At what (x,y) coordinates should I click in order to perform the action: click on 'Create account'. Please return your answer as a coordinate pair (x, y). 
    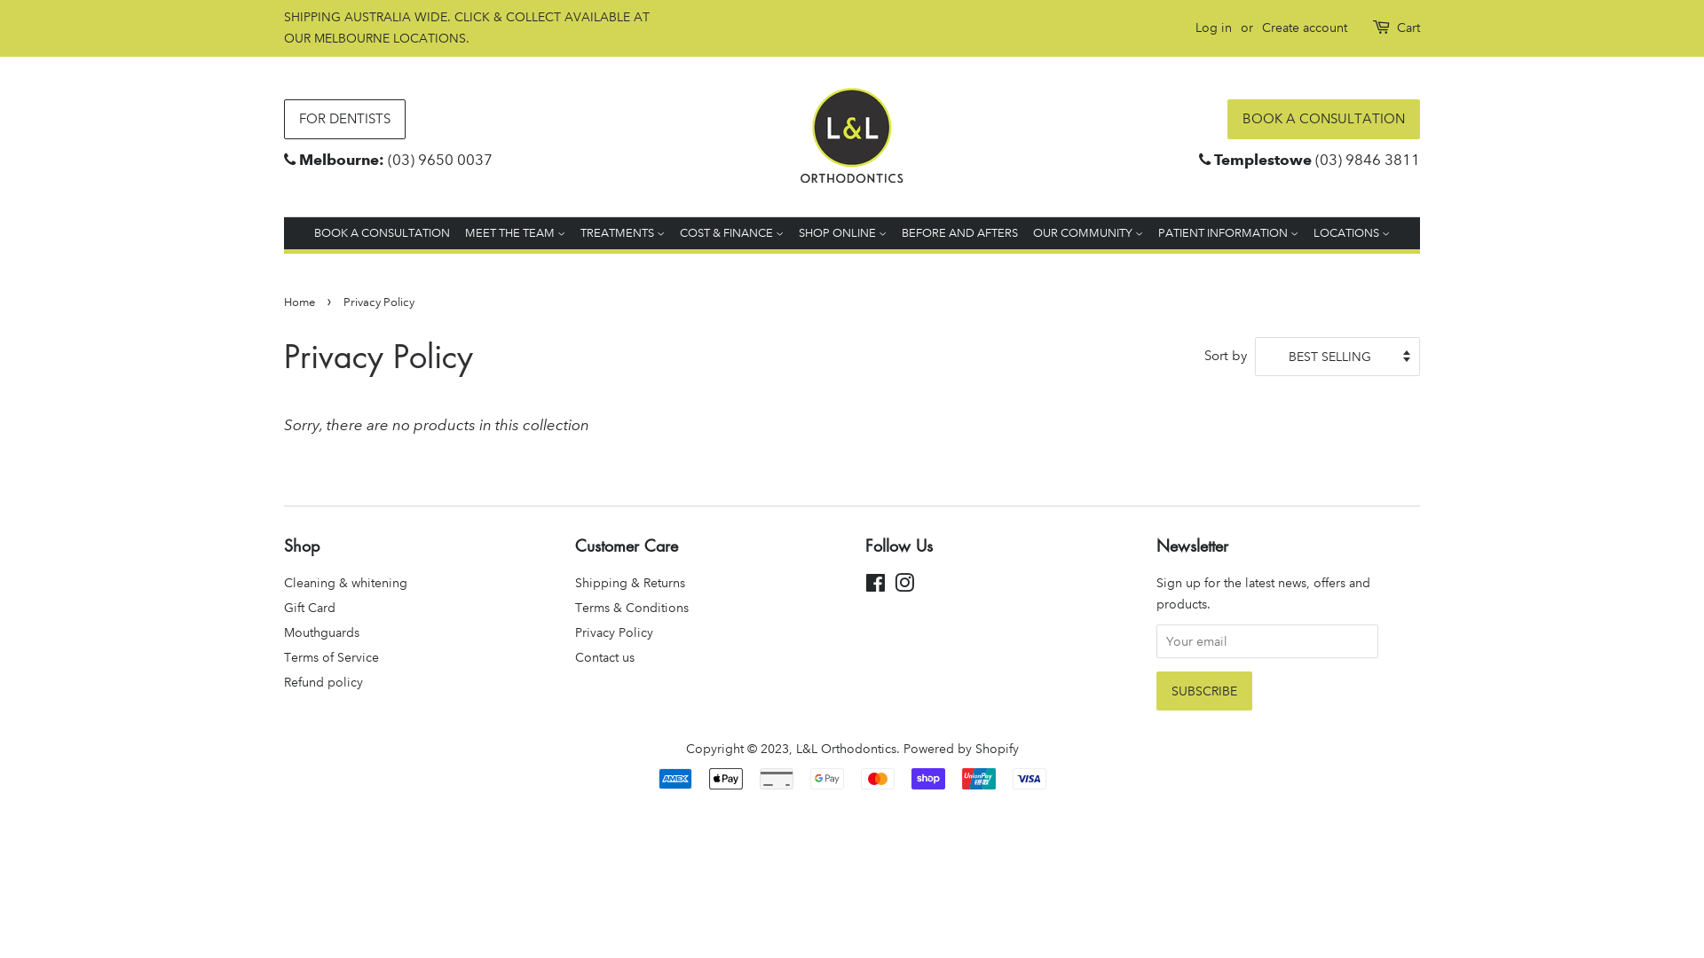
    Looking at the image, I should click on (1304, 27).